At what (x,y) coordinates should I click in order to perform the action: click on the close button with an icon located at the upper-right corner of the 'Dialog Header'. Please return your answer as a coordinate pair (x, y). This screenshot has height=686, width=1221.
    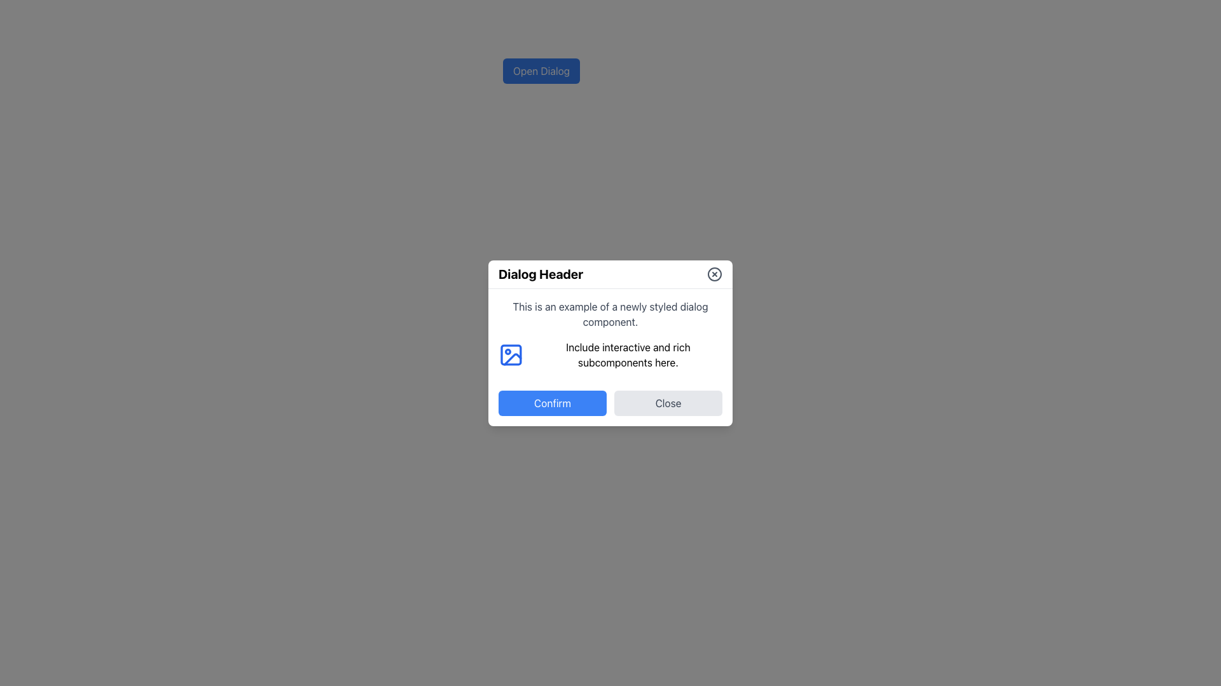
    Looking at the image, I should click on (714, 273).